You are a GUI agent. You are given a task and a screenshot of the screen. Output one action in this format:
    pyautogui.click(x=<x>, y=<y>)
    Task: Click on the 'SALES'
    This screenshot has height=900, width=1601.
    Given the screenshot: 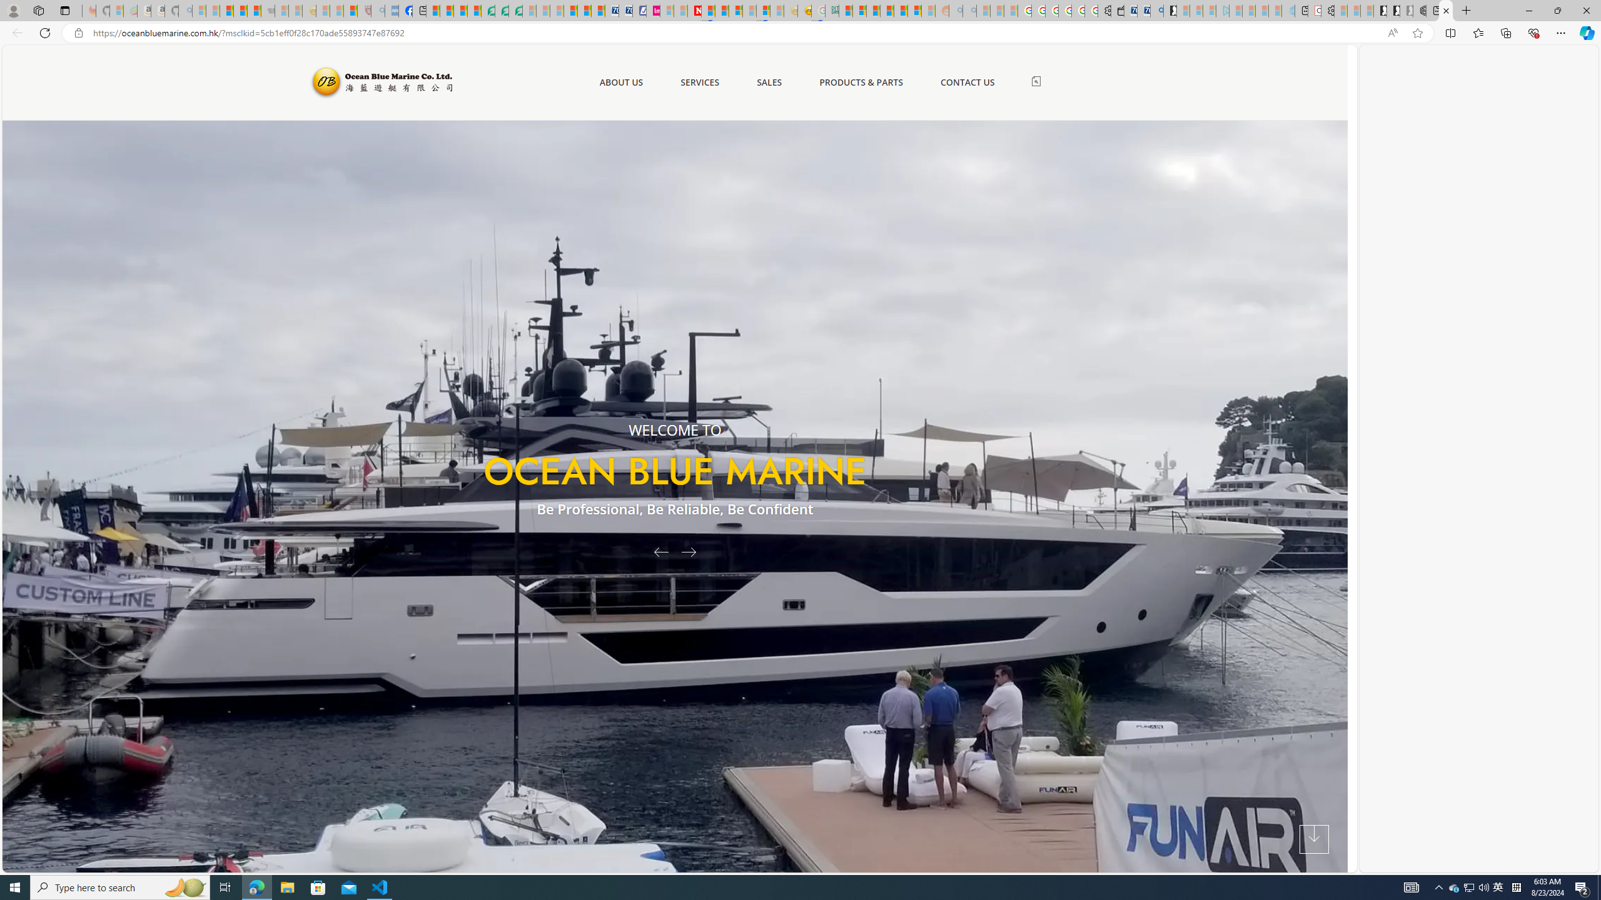 What is the action you would take?
    pyautogui.click(x=769, y=82)
    